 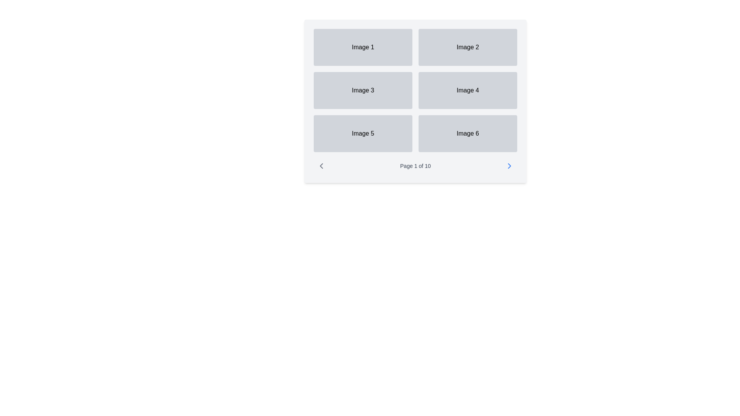 What do you see at coordinates (415, 166) in the screenshot?
I see `text phrase 'Page 1 of 10' located centrally at the bottom of the user interface to understand current paging information` at bounding box center [415, 166].